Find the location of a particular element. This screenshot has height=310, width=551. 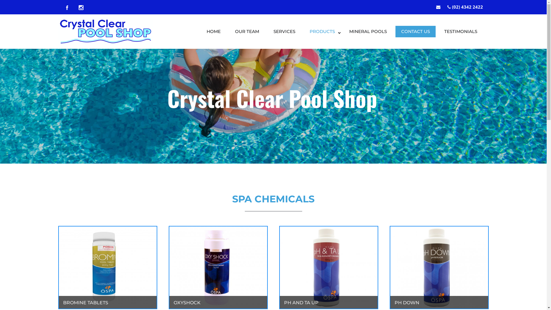

'SERVICES' is located at coordinates (284, 33).